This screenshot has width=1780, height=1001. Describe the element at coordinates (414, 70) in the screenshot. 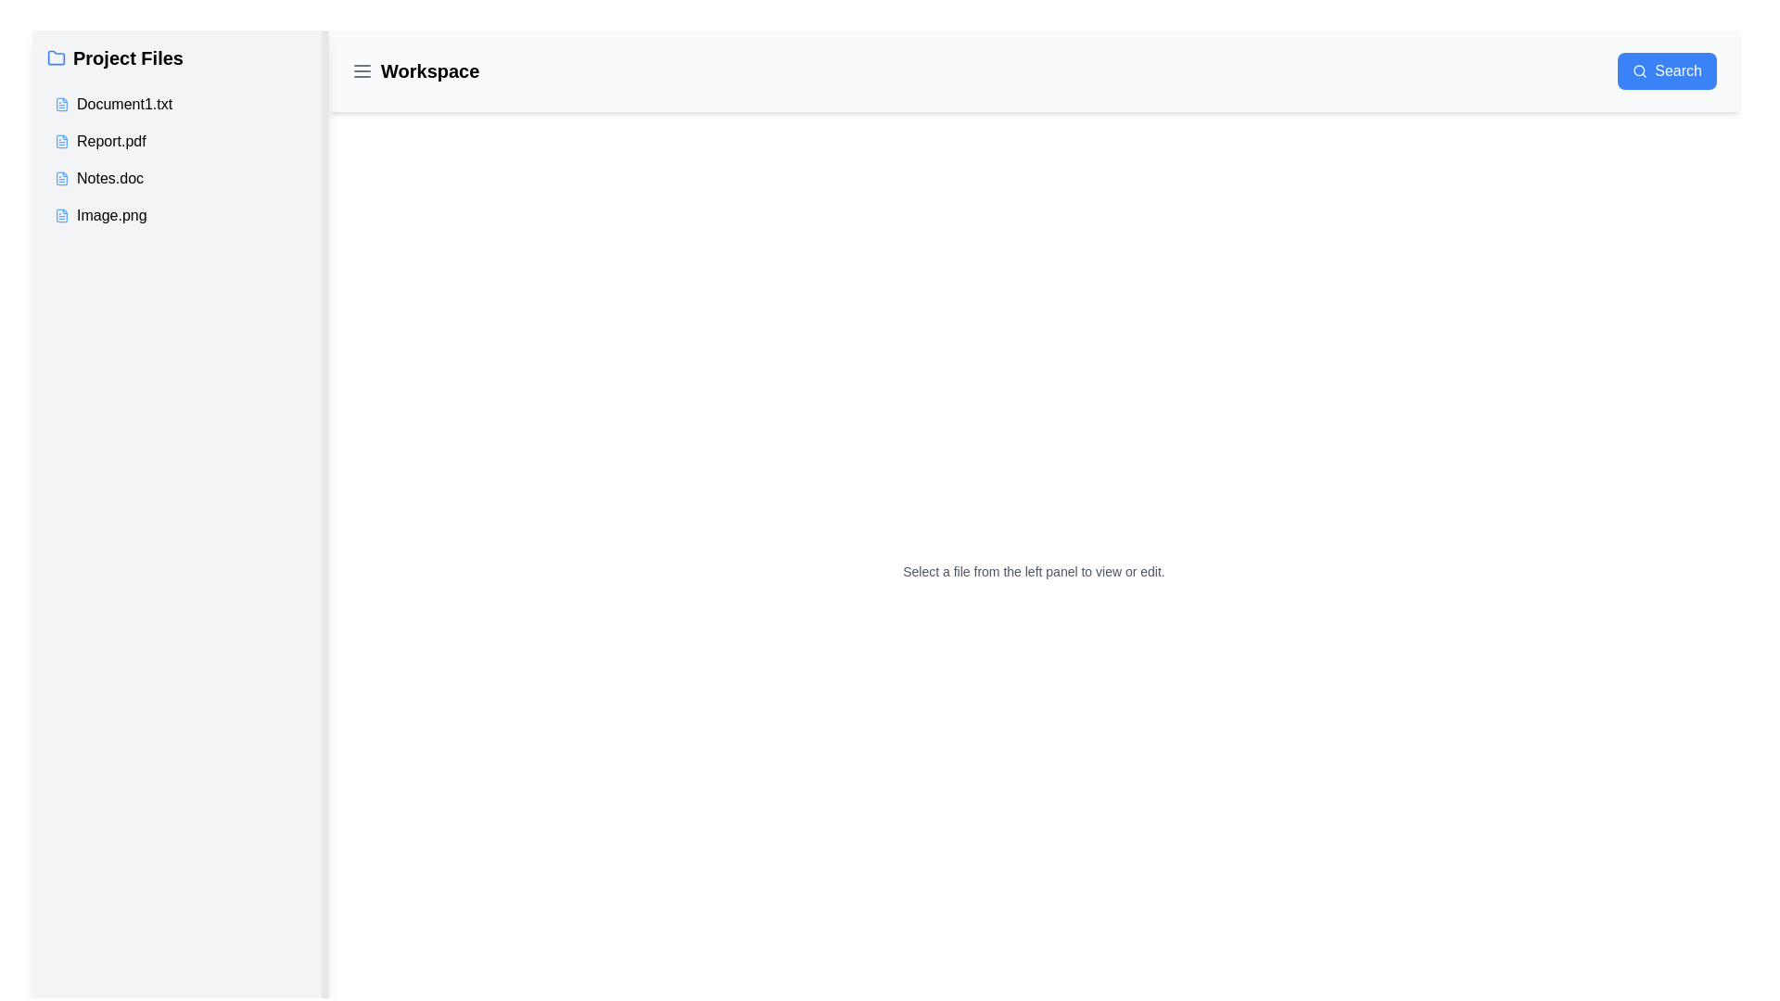

I see `the bold text label displaying 'Workspace' located in the header section of the application, to the right of the menu icon` at that location.